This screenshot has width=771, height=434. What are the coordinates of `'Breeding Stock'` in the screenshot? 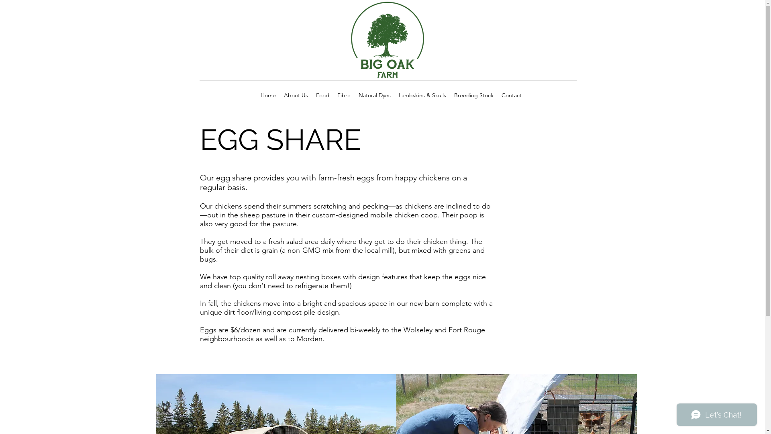 It's located at (473, 94).